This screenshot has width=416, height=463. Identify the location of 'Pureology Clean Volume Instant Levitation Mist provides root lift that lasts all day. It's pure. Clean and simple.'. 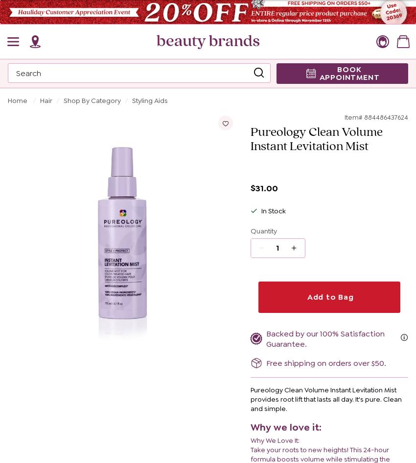
(250, 398).